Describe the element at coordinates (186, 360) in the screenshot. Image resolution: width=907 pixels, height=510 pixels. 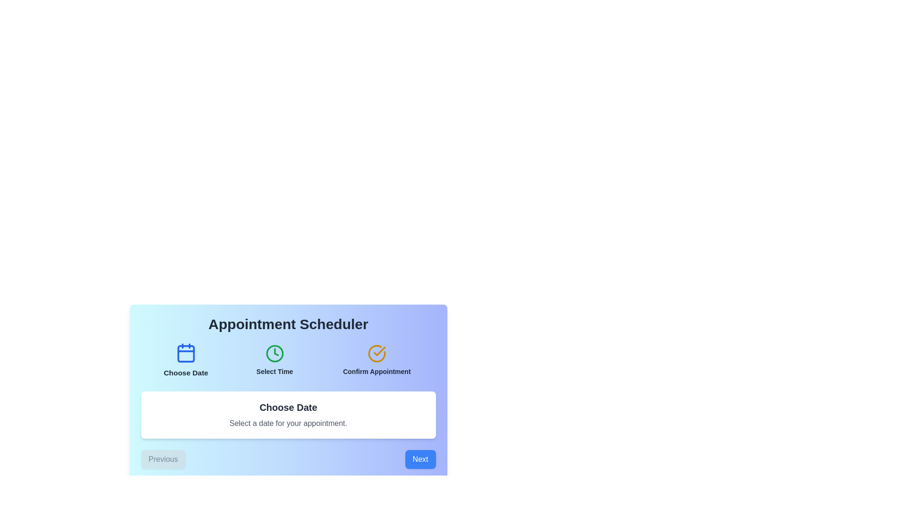
I see `the step button corresponding to Choose Date to display its description` at that location.